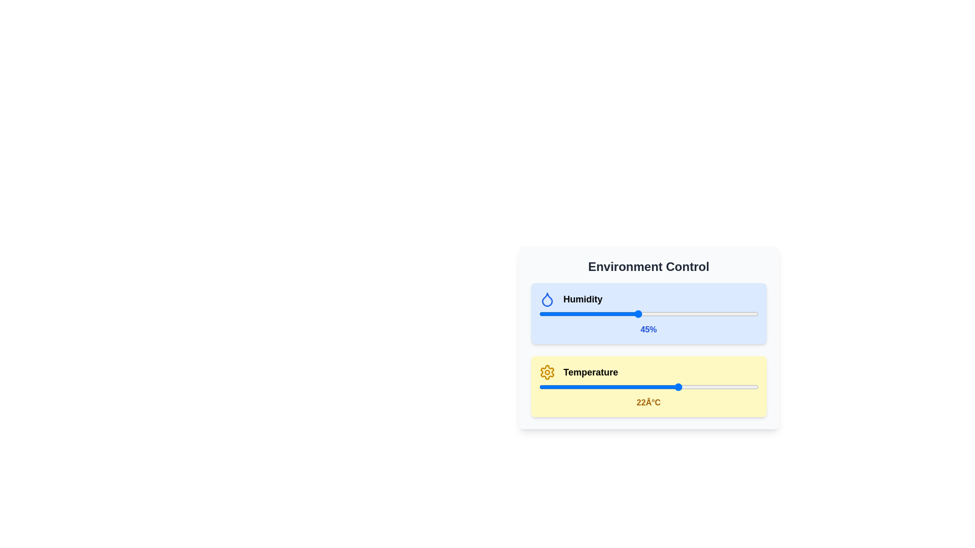  I want to click on the temperature slider to set the temperature to -5 degrees Celsius, so click(560, 387).